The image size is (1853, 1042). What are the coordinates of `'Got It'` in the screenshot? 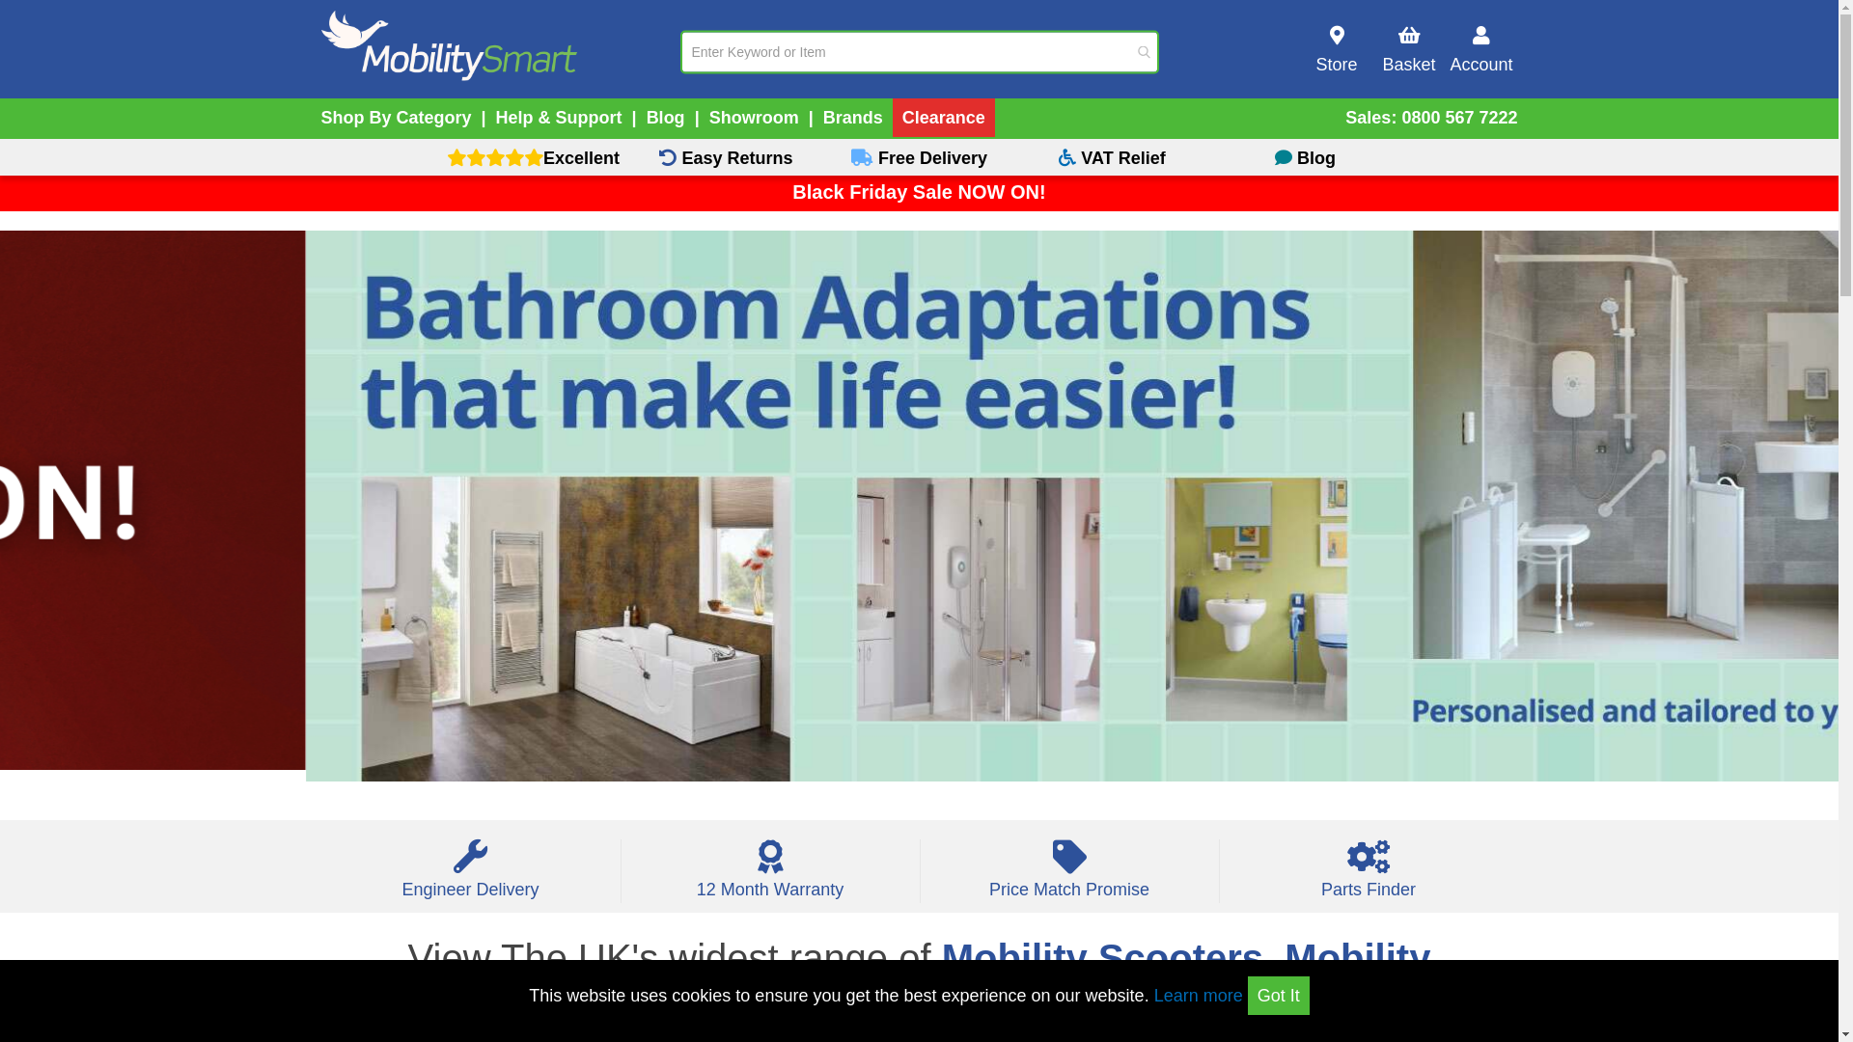 It's located at (1278, 996).